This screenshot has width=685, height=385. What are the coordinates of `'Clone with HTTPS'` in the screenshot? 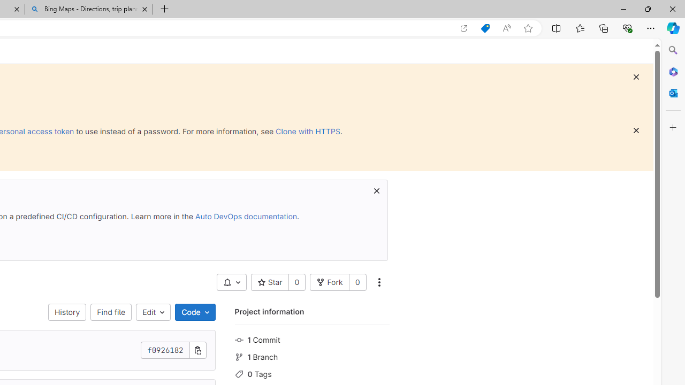 It's located at (307, 130).